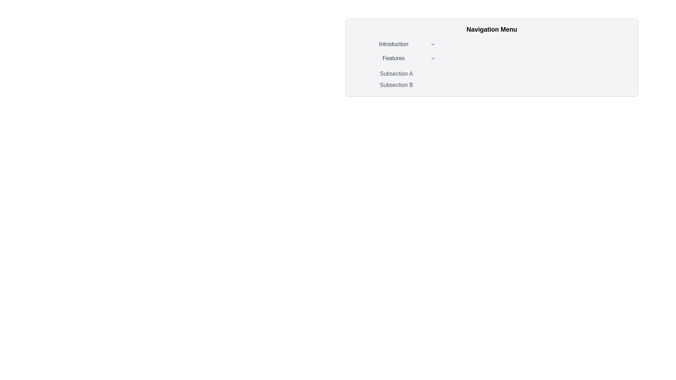 The height and width of the screenshot is (380, 676). I want to click on the icon to the right of the 'Features' label in the navigation menu, so click(432, 58).